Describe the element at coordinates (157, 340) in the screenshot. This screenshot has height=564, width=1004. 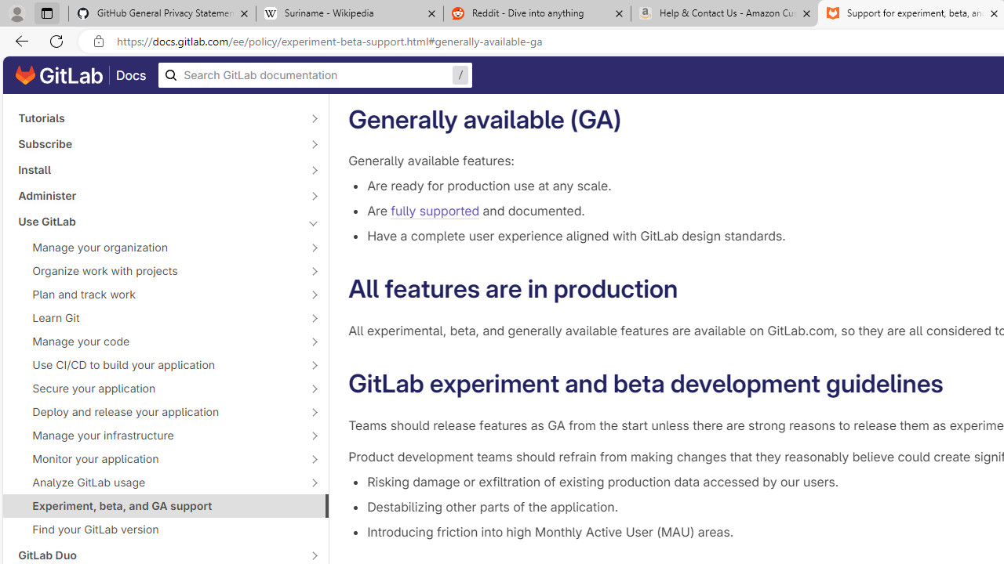
I see `'Manage your code'` at that location.